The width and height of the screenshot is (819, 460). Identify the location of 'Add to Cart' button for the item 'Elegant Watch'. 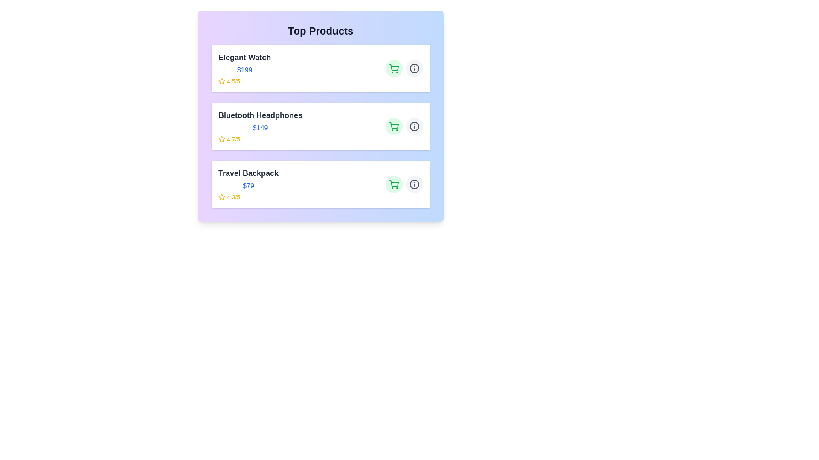
(394, 68).